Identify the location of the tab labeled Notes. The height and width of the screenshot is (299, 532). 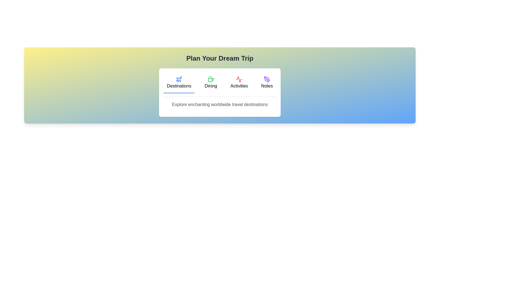
(267, 83).